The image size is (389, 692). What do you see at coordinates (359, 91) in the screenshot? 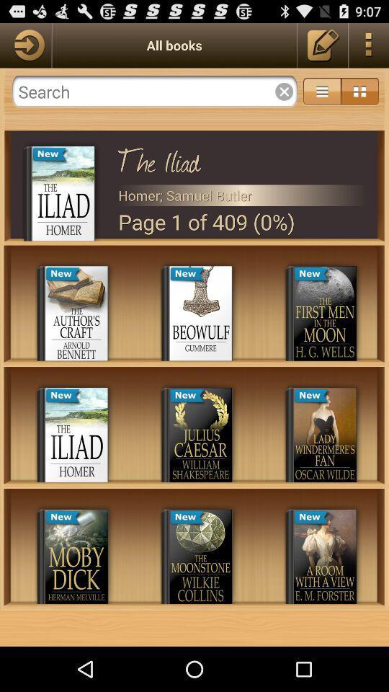
I see `switch to grid view` at bounding box center [359, 91].